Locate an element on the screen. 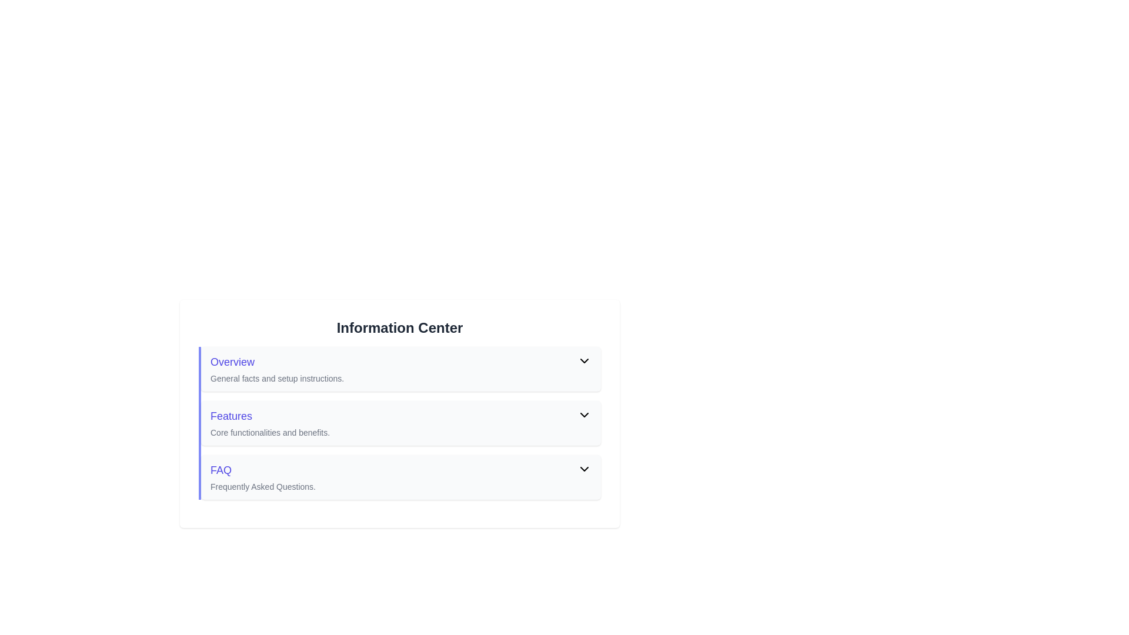  the chevron-down indicator icon located on the right side of the 'Features' section is located at coordinates (584, 414).